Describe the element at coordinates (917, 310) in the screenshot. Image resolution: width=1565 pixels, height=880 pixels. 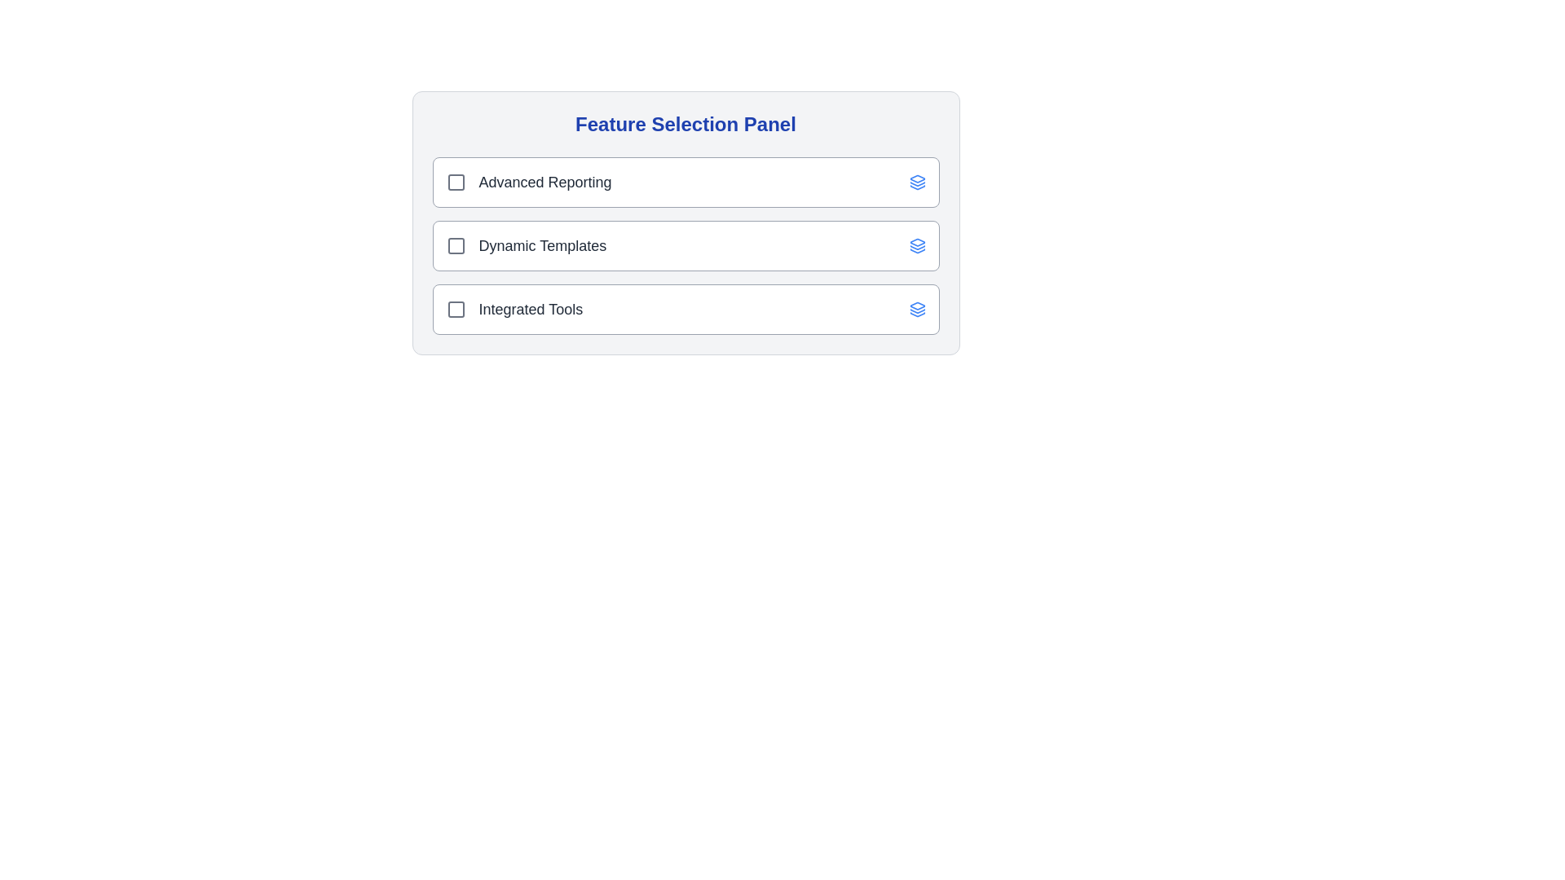
I see `the blue stacked layers icon located to the far right of the 'Integrated Tools' list item in the feature selection panel` at that location.